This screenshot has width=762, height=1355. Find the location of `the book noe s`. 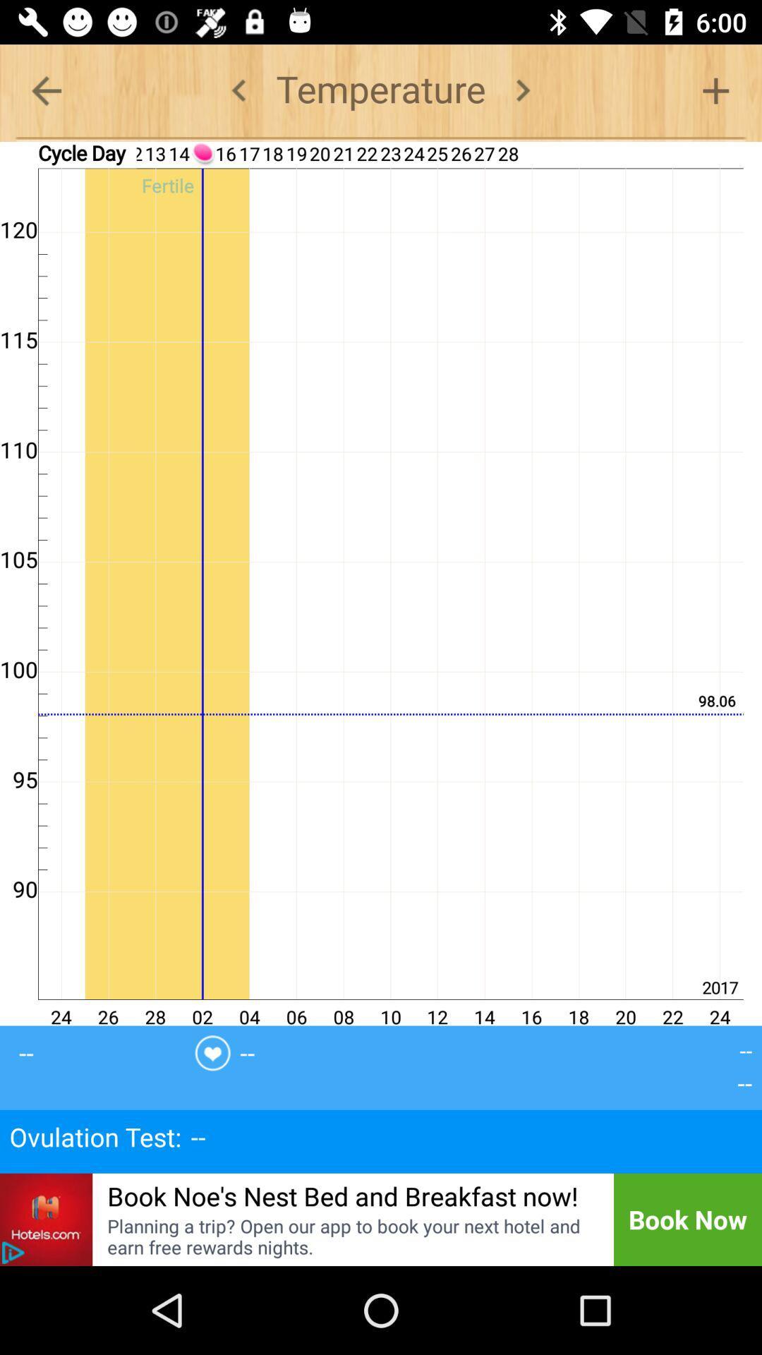

the book noe s is located at coordinates (343, 1195).